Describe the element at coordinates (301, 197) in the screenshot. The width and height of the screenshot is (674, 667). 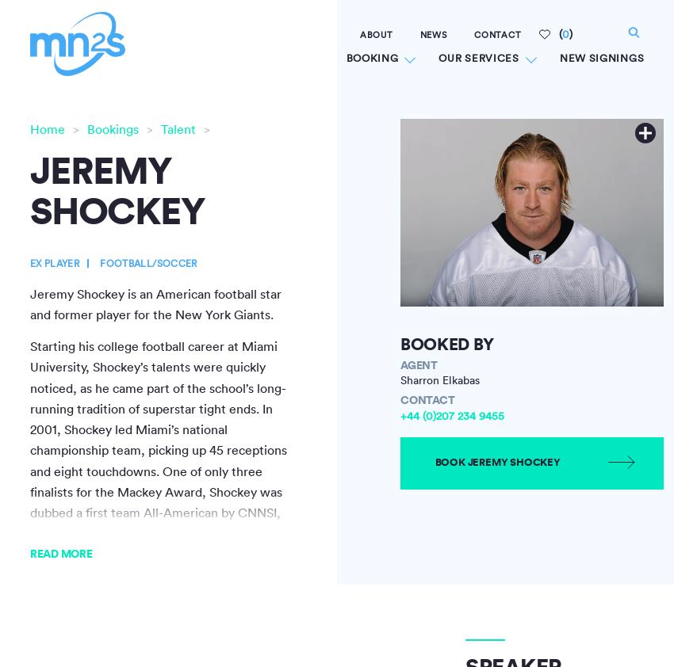
I see `'CELEBRITY DJ'` at that location.